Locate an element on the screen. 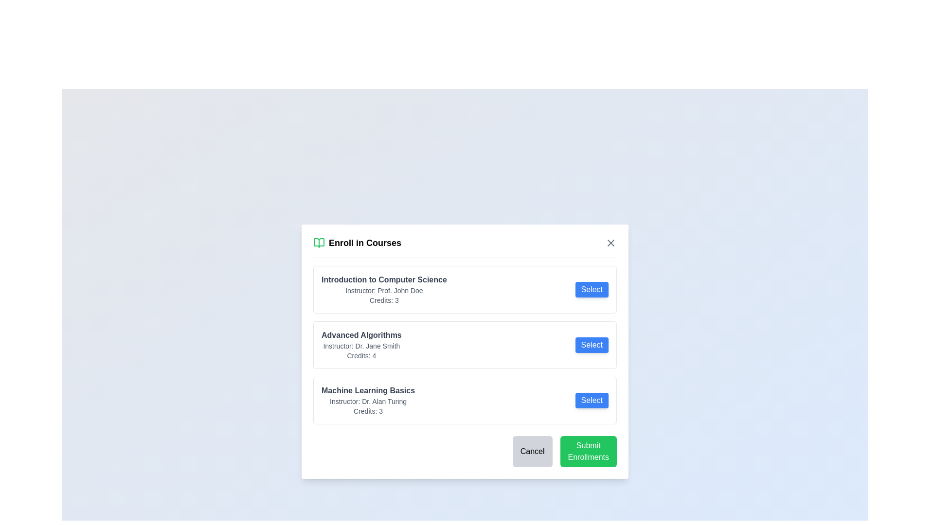 Image resolution: width=934 pixels, height=525 pixels. text information block providing details about the course 'Machine Learning Basics', located inside the third white box in the list of courses, positioned above the 'Cancel' and 'Submit Enrollments' buttons is located at coordinates (368, 400).